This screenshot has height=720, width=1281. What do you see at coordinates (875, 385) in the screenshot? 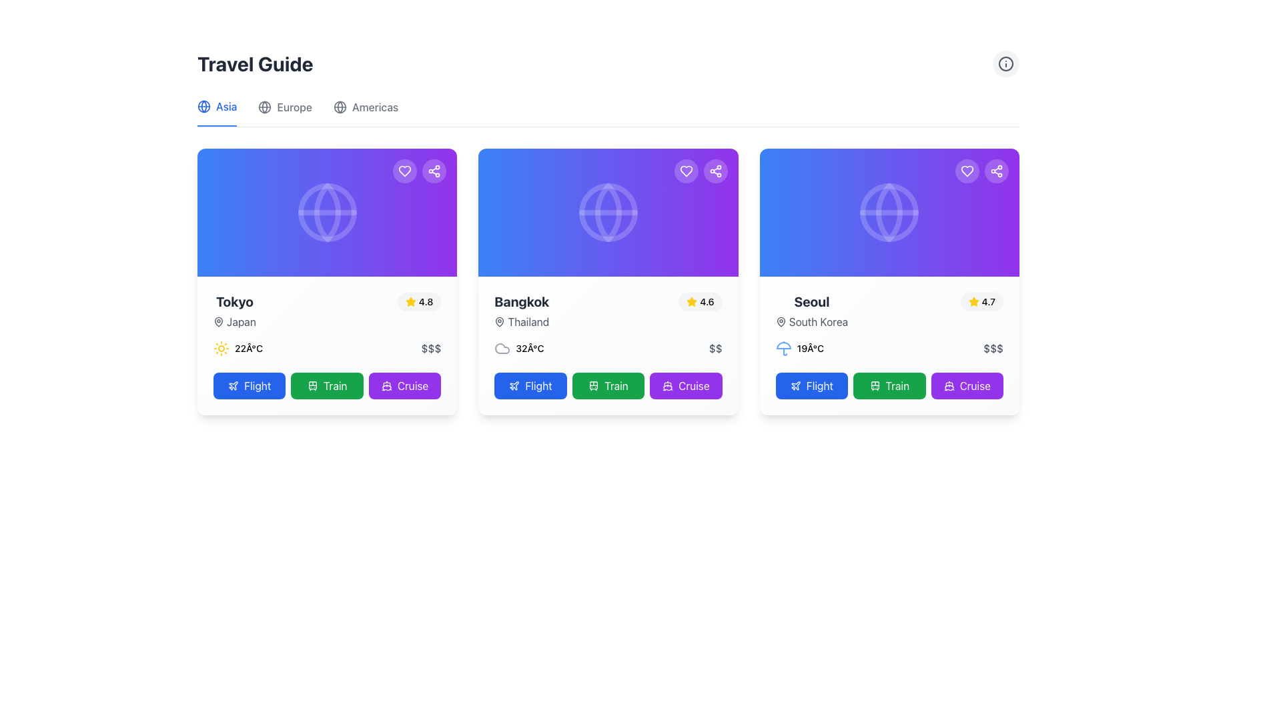
I see `the decorative 'Train' icon within the green rectangular button at the bottom of the 'Seoul' travel option card` at bounding box center [875, 385].